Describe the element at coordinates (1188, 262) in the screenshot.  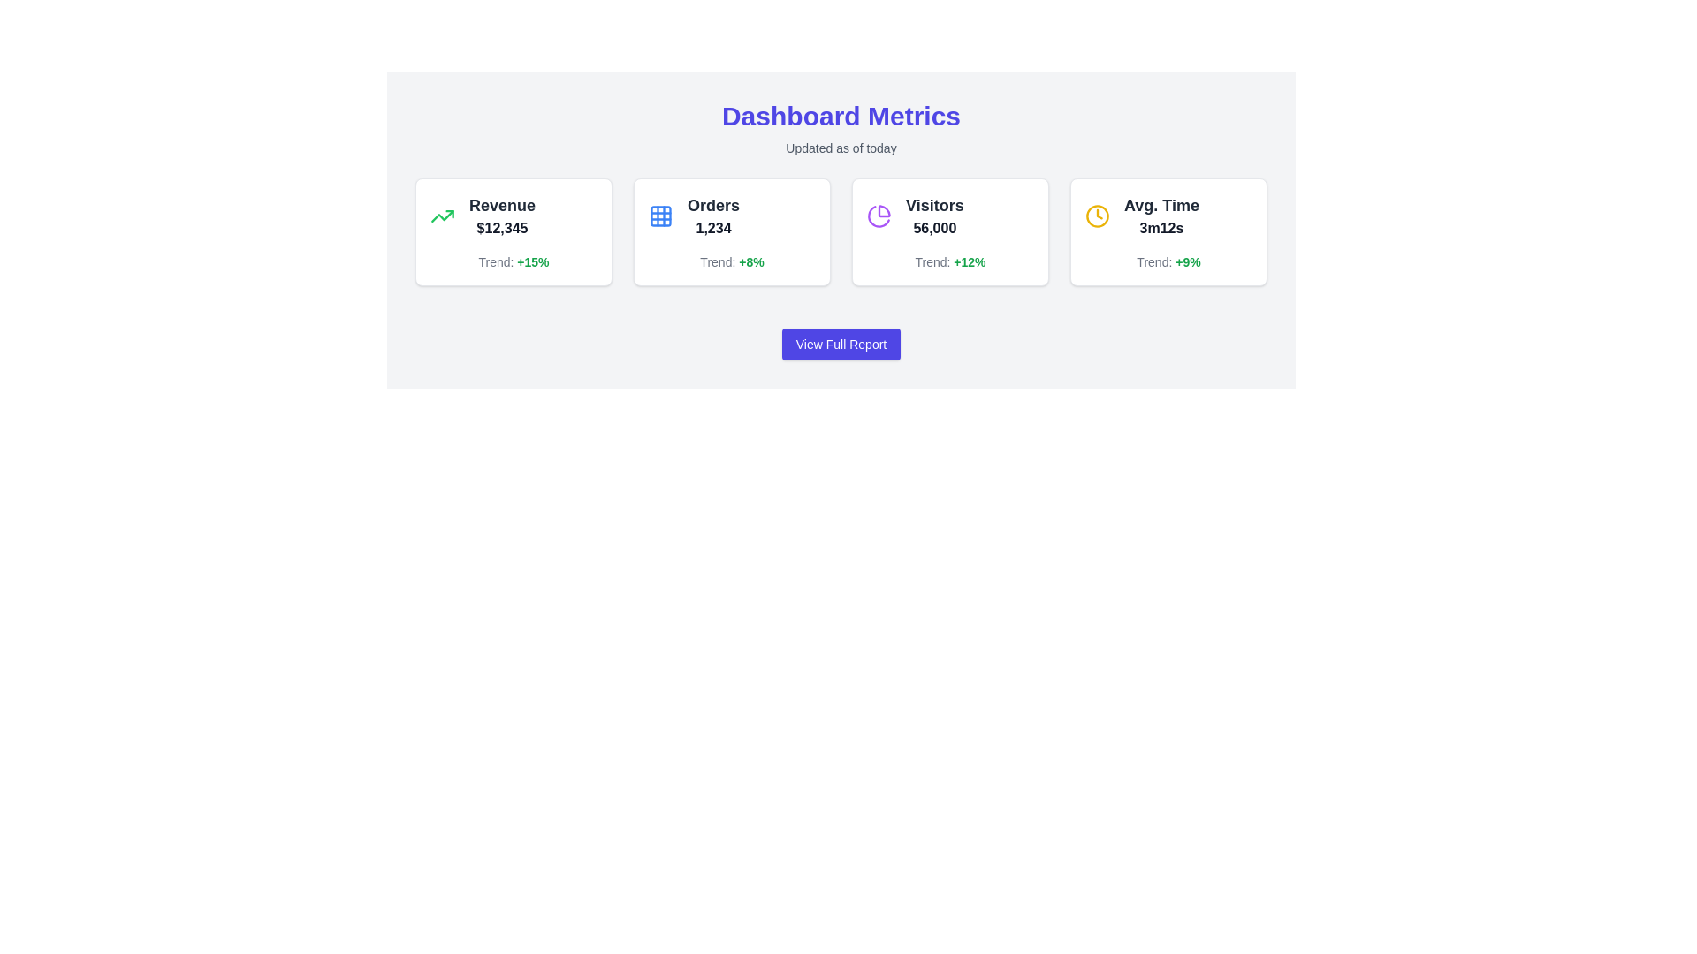
I see `the static text displaying '+9%' in a green, bold font, located to the right of the 'Trend:' label in the 'Avg. Time' data card` at that location.